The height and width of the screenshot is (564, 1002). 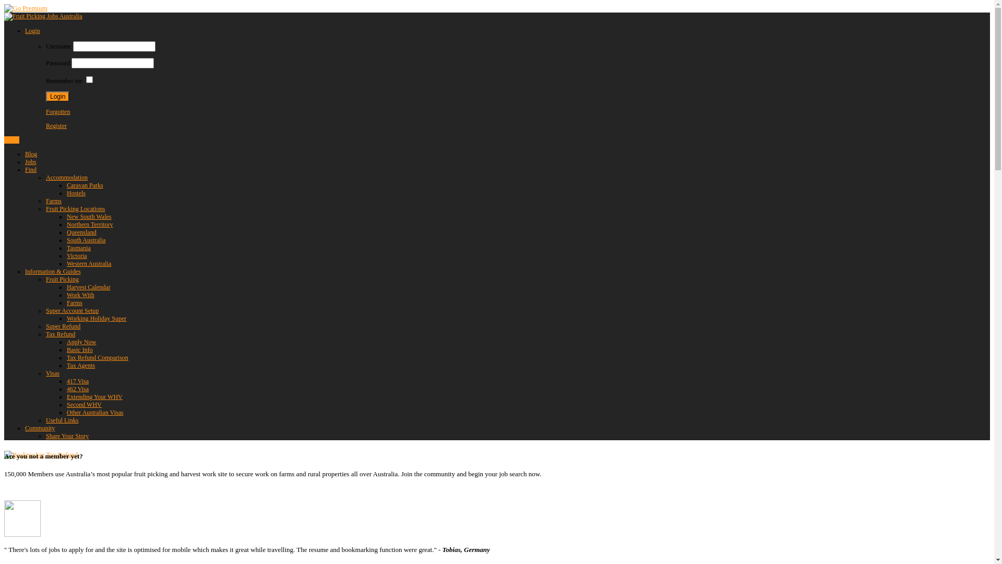 What do you see at coordinates (31, 154) in the screenshot?
I see `'Blog'` at bounding box center [31, 154].